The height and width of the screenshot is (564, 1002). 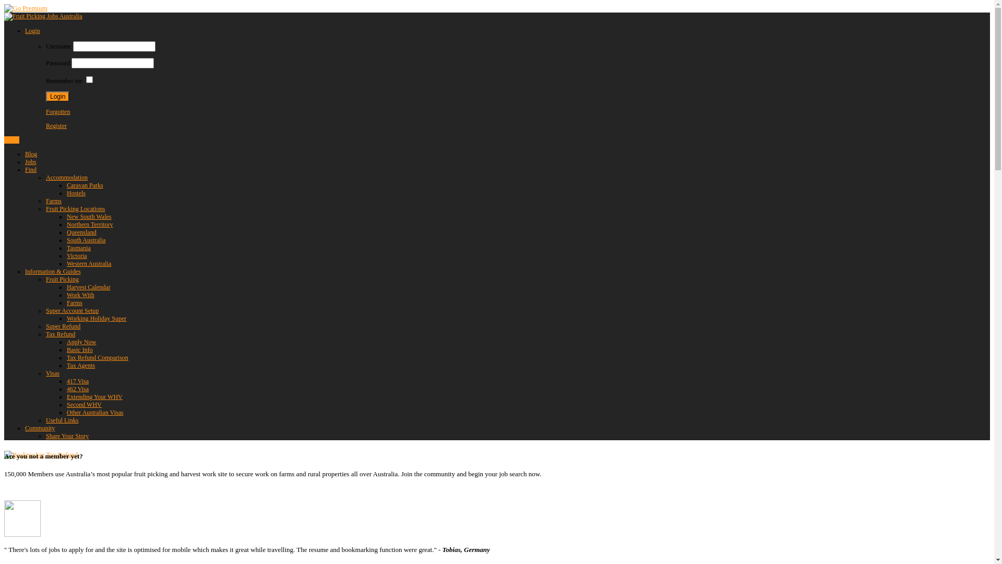 What do you see at coordinates (31, 154) in the screenshot?
I see `'Blog'` at bounding box center [31, 154].